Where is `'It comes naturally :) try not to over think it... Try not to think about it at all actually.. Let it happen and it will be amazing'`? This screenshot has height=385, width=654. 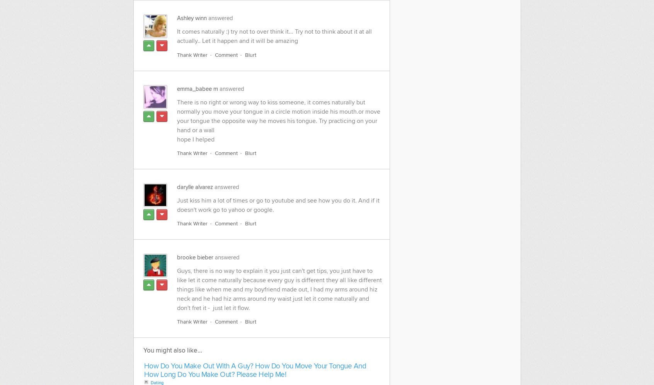
'It comes naturally :) try not to over think it... Try not to think about it at all actually.. Let it happen and it will be amazing' is located at coordinates (273, 36).